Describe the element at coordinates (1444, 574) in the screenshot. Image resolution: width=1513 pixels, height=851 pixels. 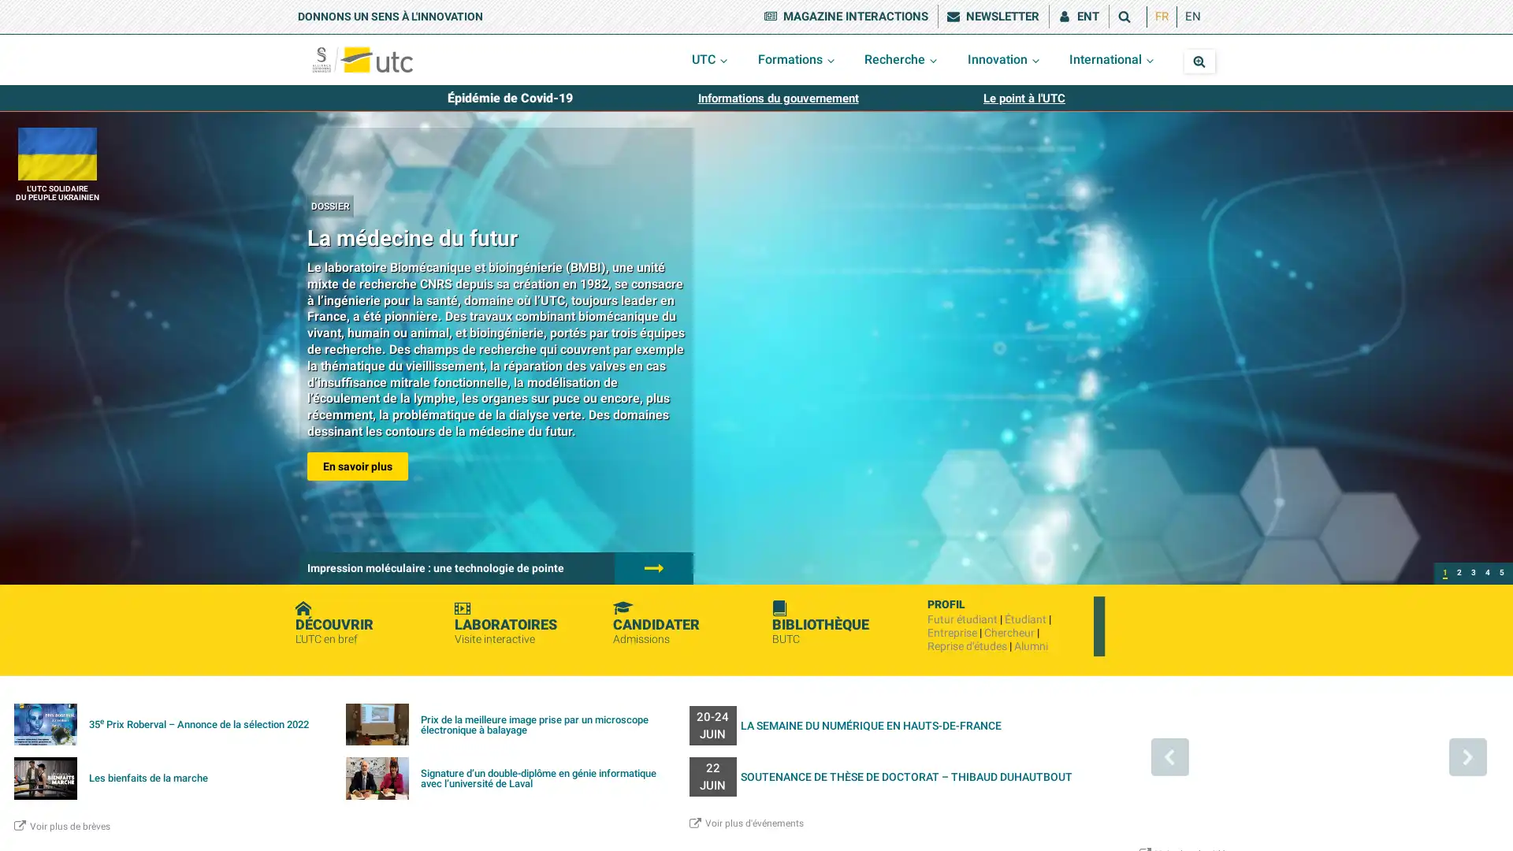
I see `La medecine du futur` at that location.